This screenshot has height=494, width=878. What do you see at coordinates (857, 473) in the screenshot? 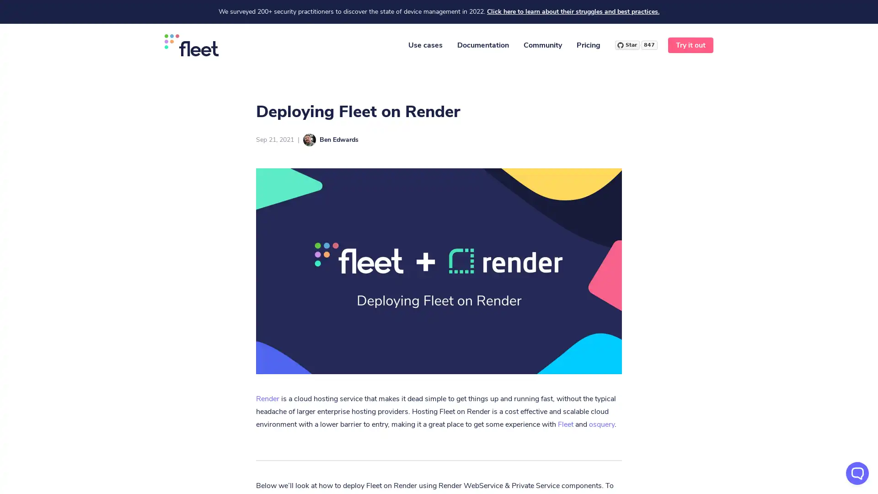
I see `Open chat widget` at bounding box center [857, 473].